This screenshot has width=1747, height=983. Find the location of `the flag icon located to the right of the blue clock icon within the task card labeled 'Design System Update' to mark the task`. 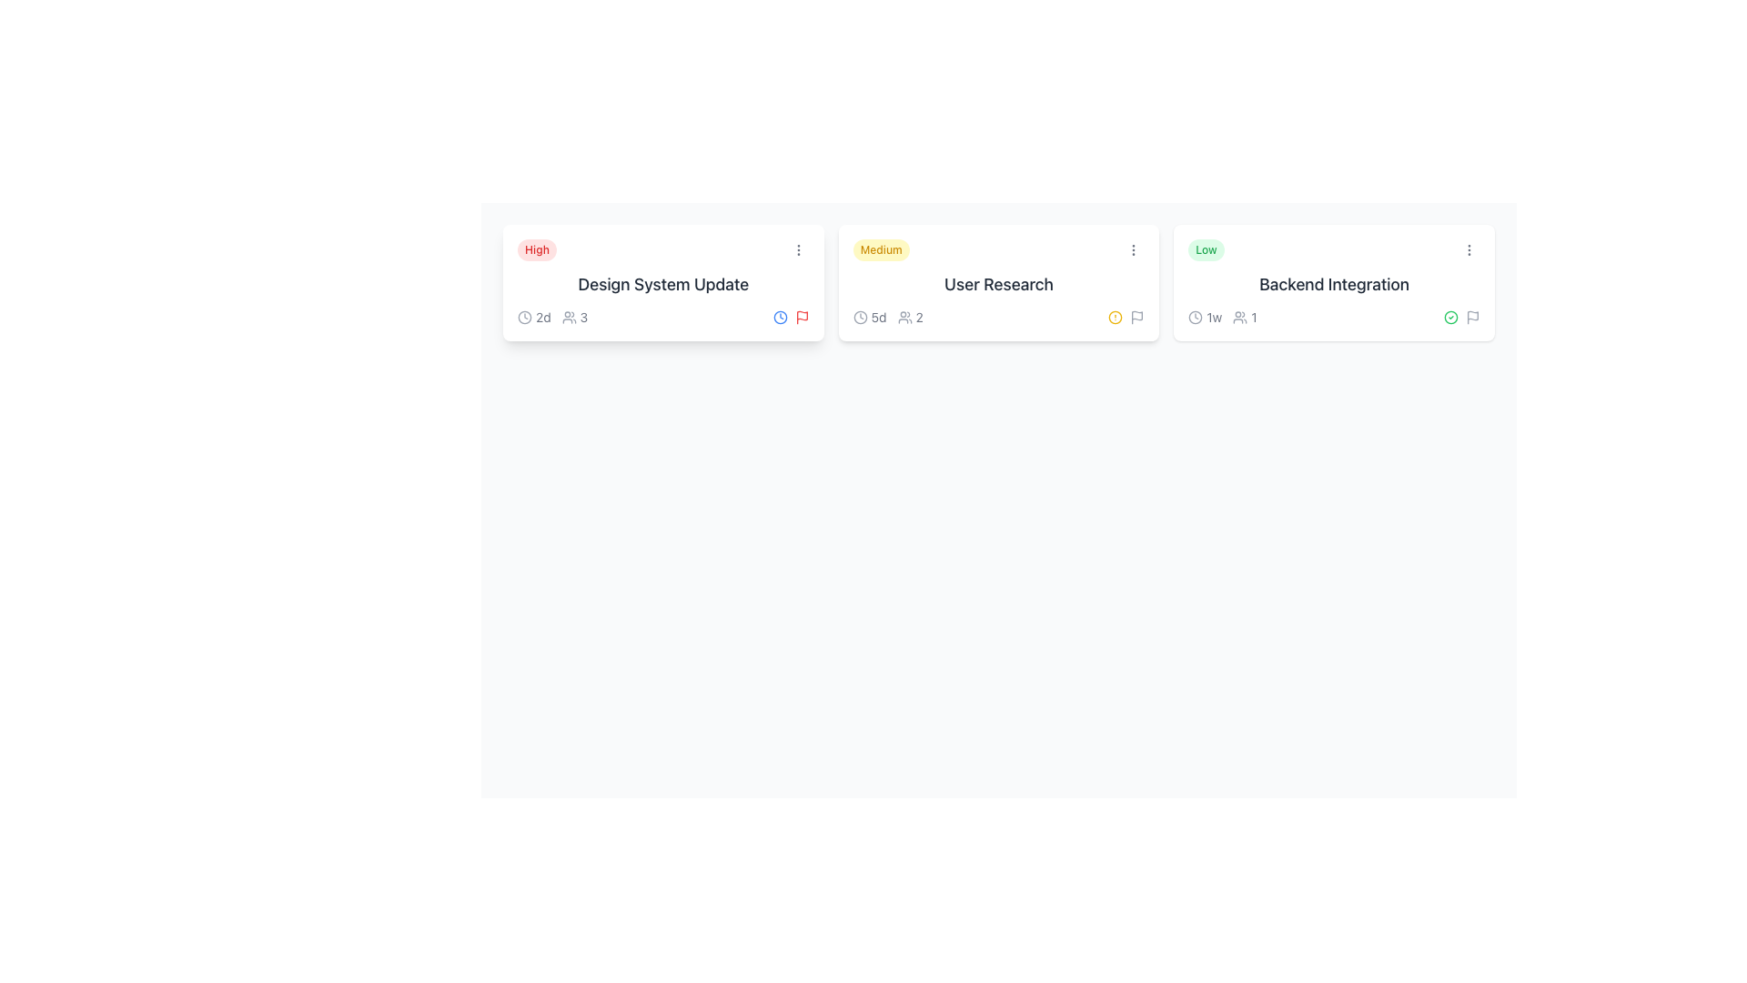

the flag icon located to the right of the blue clock icon within the task card labeled 'Design System Update' to mark the task is located at coordinates (801, 316).